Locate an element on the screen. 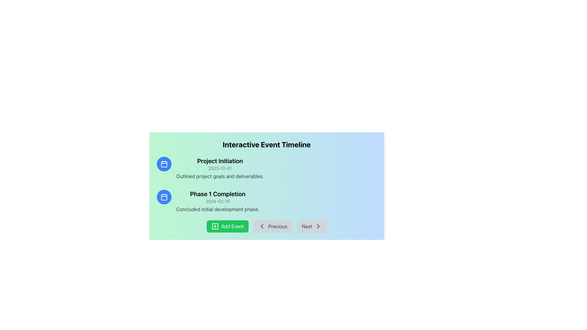 The image size is (587, 330). the navigation button located at the bottom-right corner of the interface to advance to the next page is located at coordinates (312, 226).